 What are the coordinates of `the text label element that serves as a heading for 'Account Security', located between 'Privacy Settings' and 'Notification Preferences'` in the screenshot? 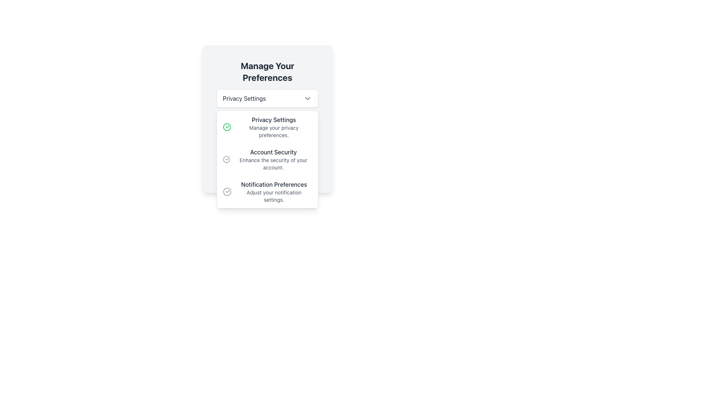 It's located at (273, 151).